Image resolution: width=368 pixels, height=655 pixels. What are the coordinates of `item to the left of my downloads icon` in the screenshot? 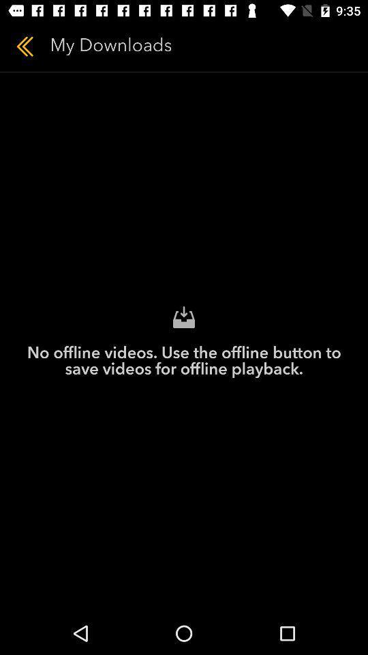 It's located at (25, 46).